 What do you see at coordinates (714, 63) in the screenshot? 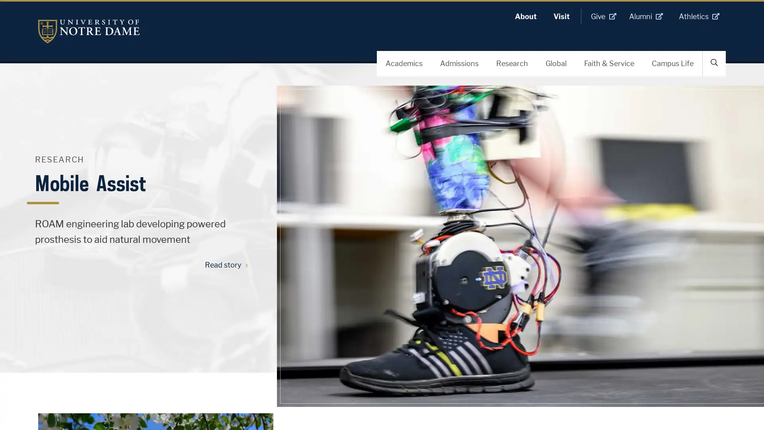
I see `Toggle search` at bounding box center [714, 63].